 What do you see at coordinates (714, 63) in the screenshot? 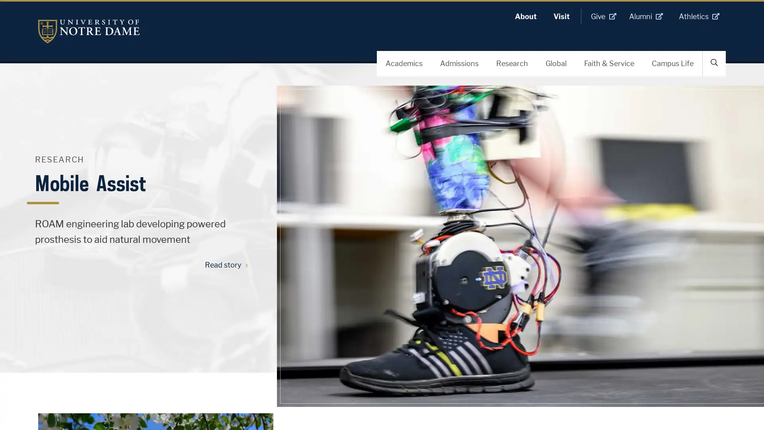
I see `Toggle search` at bounding box center [714, 63].